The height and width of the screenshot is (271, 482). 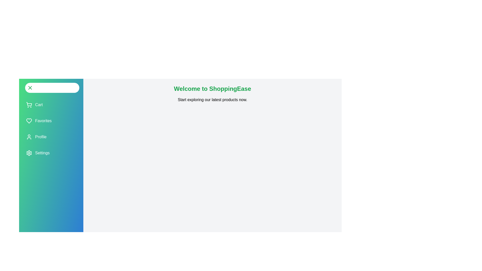 What do you see at coordinates (37, 153) in the screenshot?
I see `the 'Settings' button to navigate to the 'Settings' section` at bounding box center [37, 153].